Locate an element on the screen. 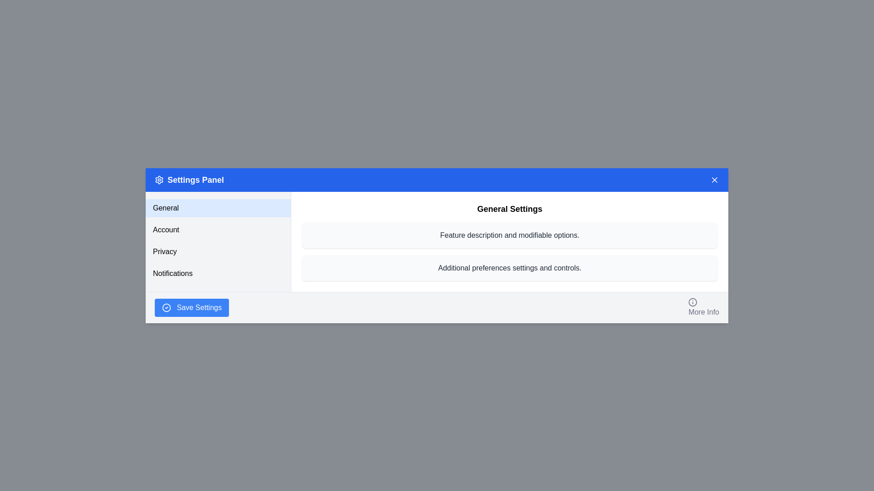 The width and height of the screenshot is (874, 491). static text label displaying 'Additional preferences settings and controls.' which is located beneath the 'Feature description and modifiable options.' text in the 'General Settings' section is located at coordinates (509, 267).